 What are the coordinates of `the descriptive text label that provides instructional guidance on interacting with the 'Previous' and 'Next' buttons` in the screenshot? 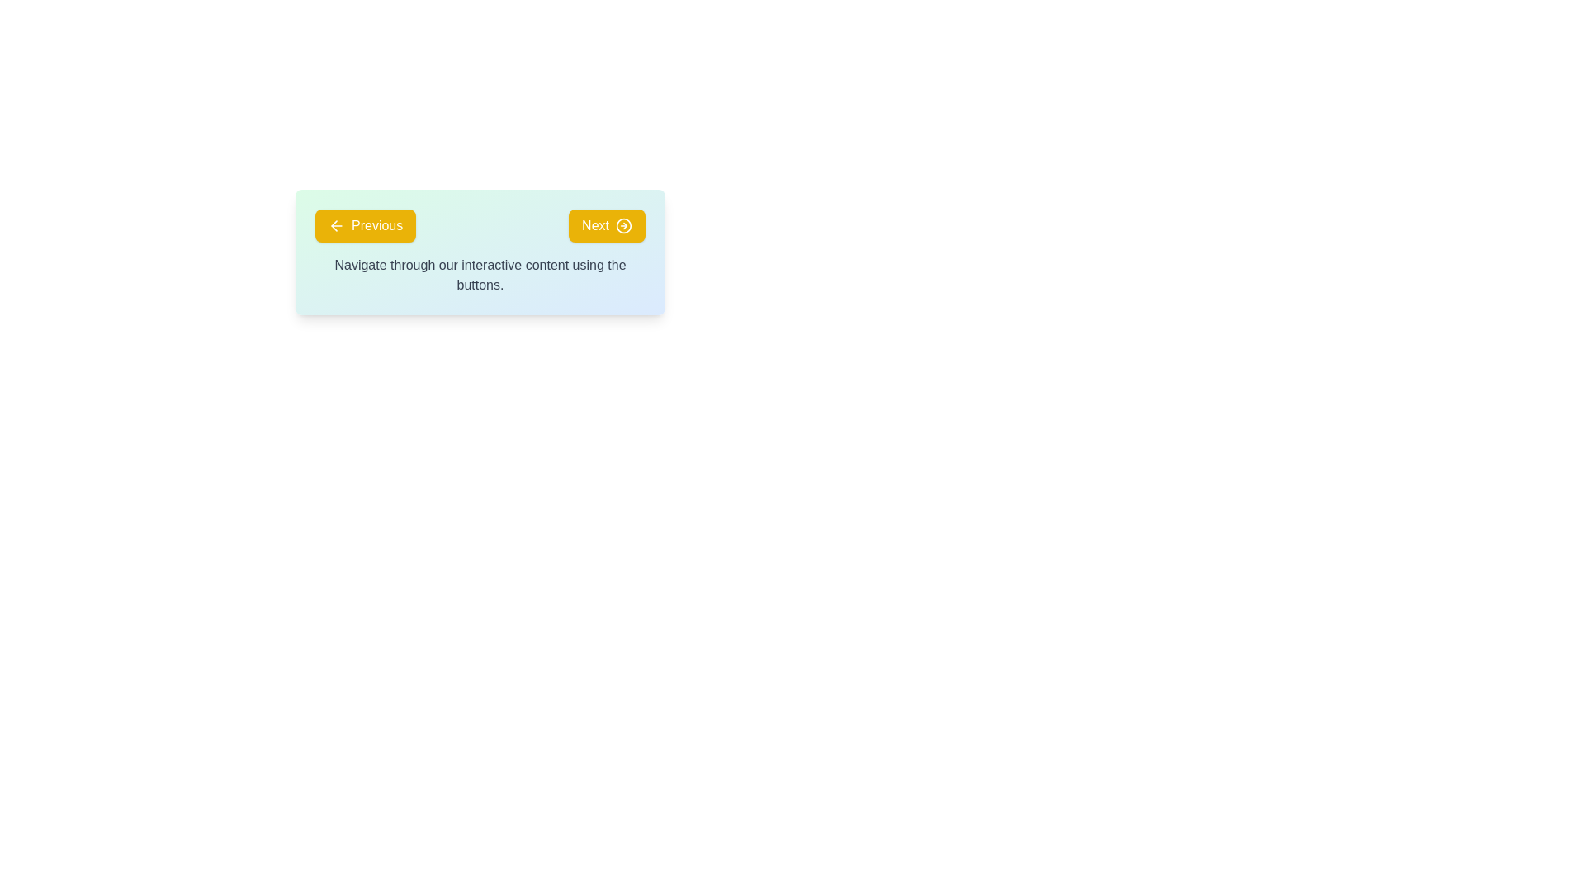 It's located at (479, 275).